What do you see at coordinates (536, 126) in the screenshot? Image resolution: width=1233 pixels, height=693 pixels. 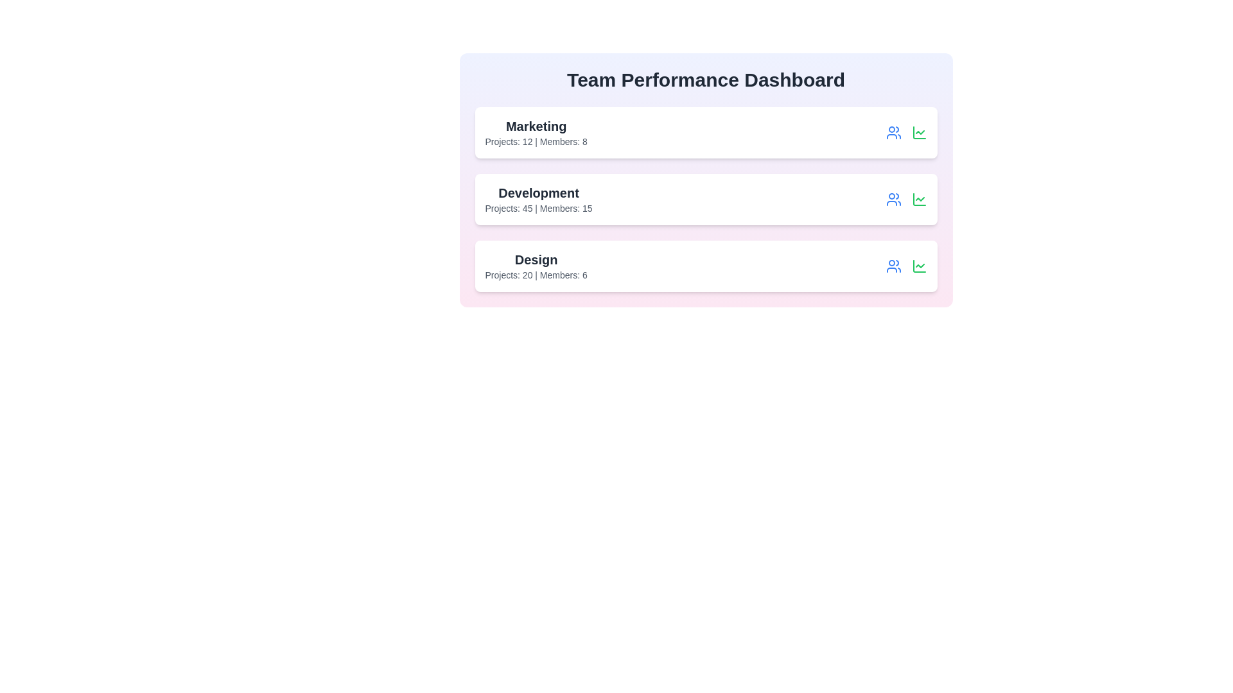 I see `the name of the team Marketing to view its details` at bounding box center [536, 126].